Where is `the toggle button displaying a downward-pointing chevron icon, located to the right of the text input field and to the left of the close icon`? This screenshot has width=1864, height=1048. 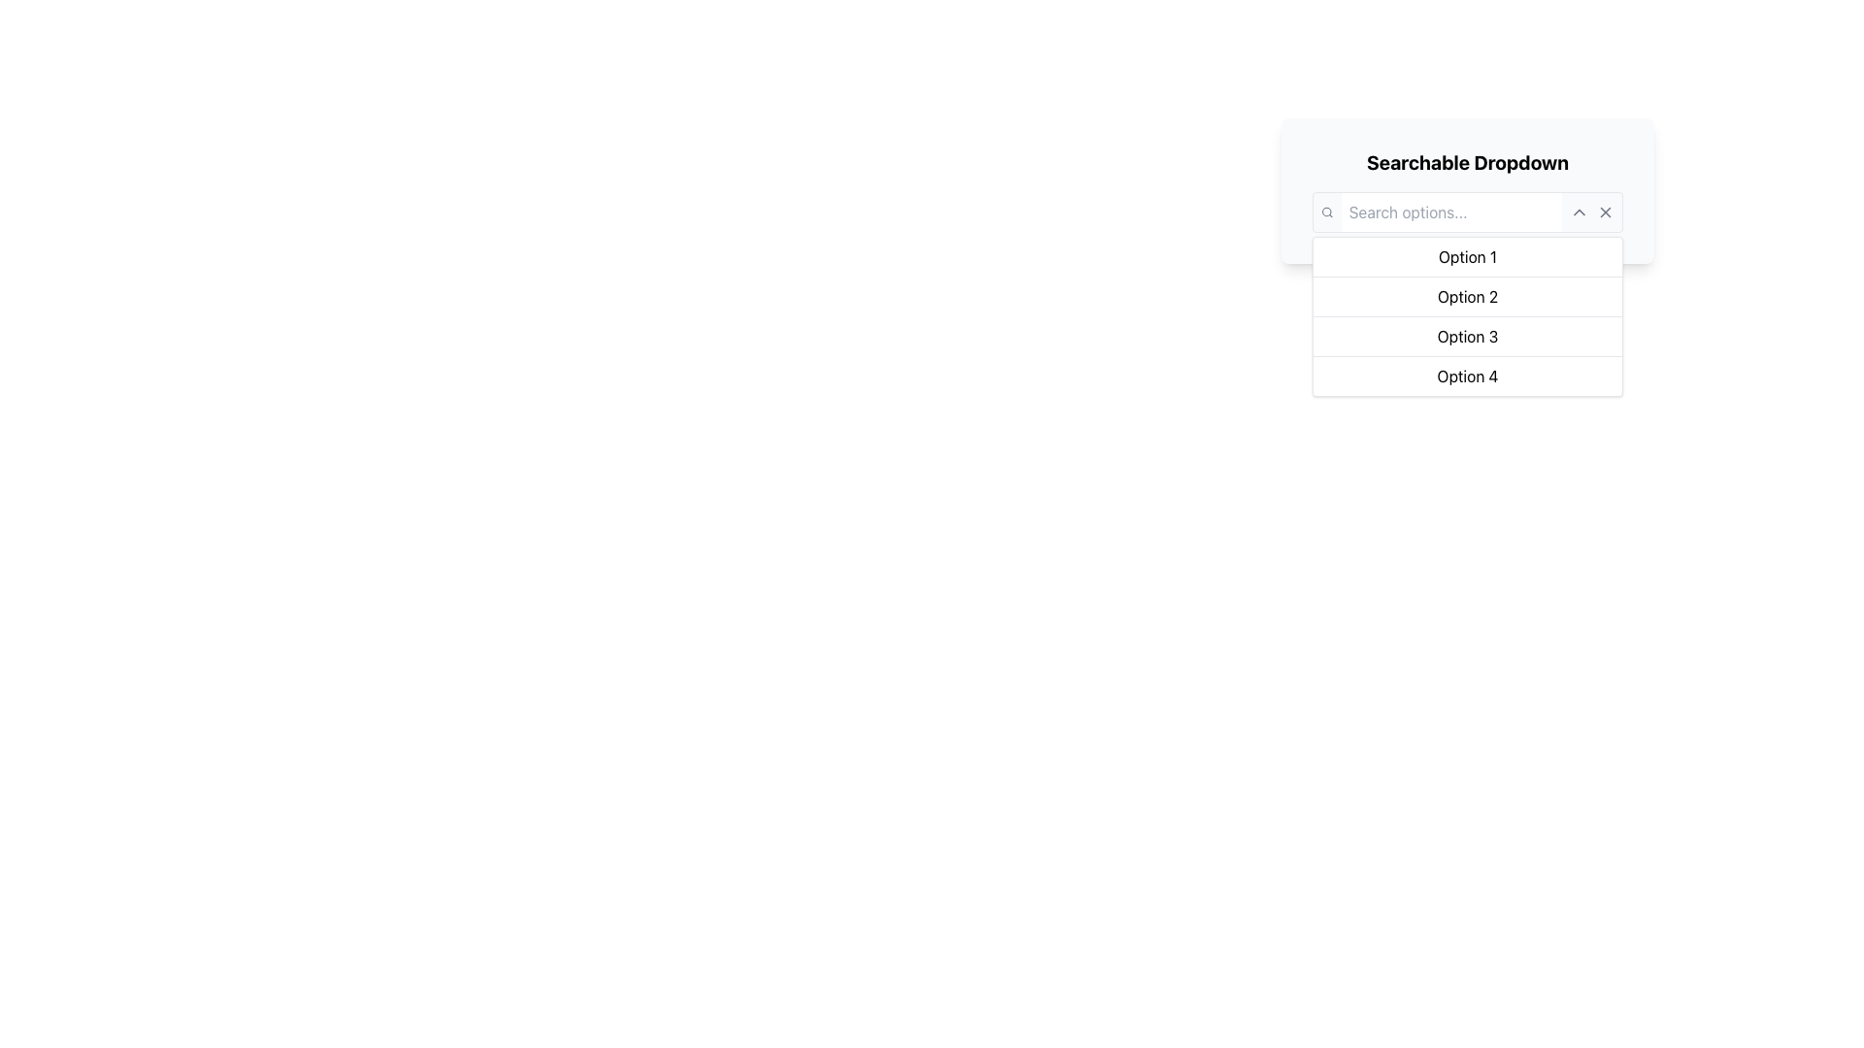 the toggle button displaying a downward-pointing chevron icon, located to the right of the text input field and to the left of the close icon is located at coordinates (1580, 213).